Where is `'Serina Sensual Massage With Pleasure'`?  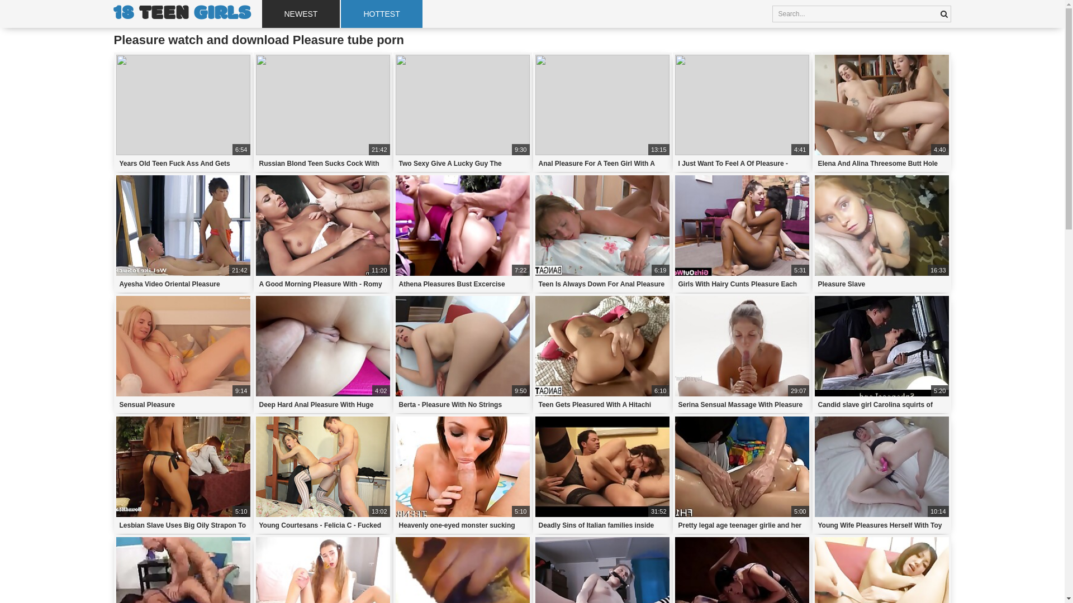 'Serina Sensual Massage With Pleasure' is located at coordinates (742, 405).